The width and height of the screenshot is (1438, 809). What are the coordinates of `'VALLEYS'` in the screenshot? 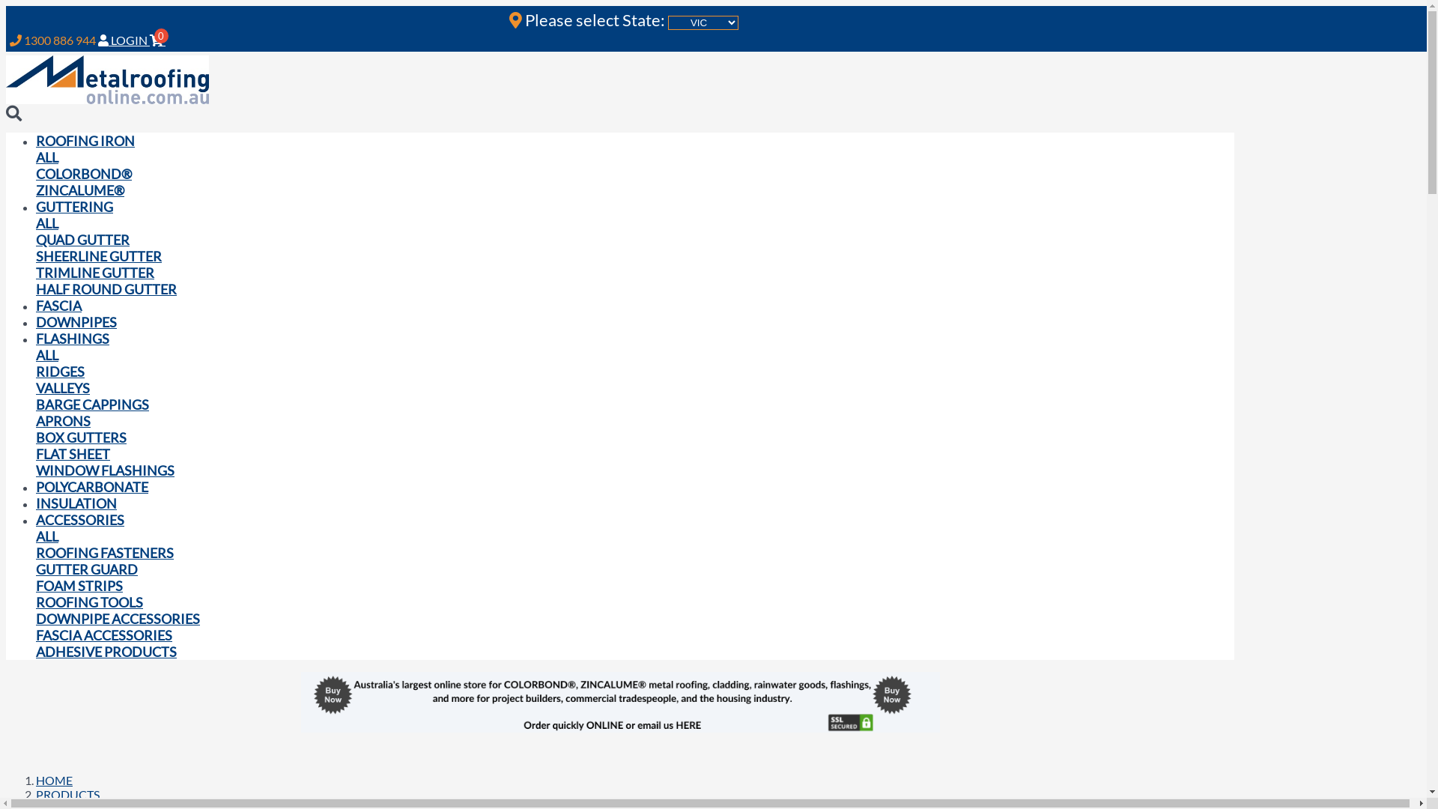 It's located at (61, 387).